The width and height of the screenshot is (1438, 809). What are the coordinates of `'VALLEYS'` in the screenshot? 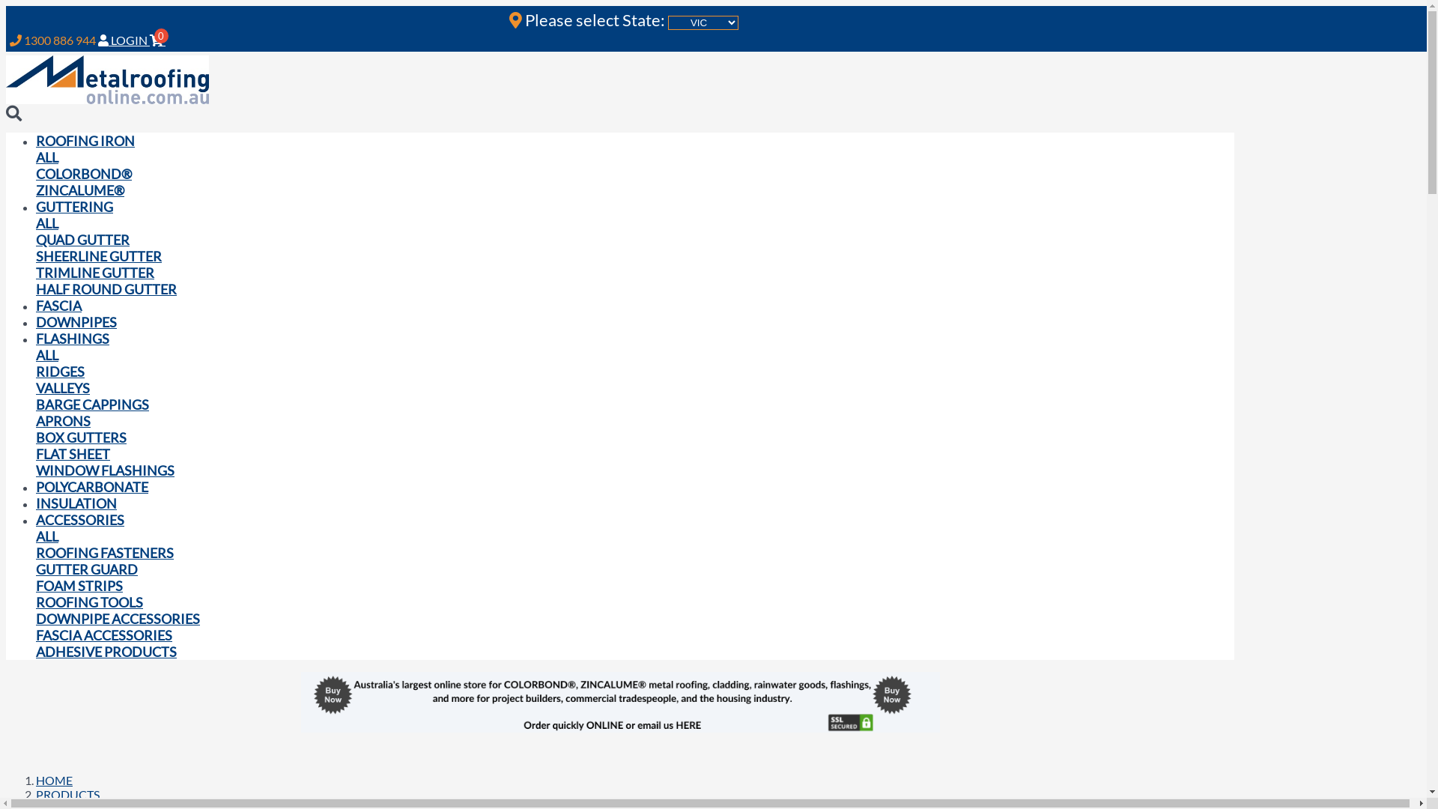 It's located at (61, 387).